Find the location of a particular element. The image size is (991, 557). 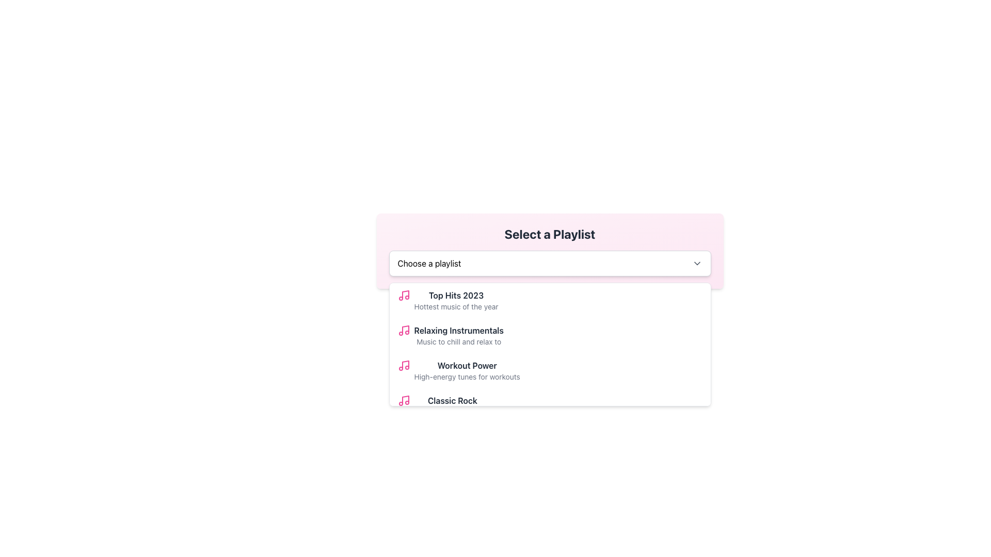

description of the static text label located below the 'Workout Power' title in the dropdown menu is located at coordinates (467, 377).